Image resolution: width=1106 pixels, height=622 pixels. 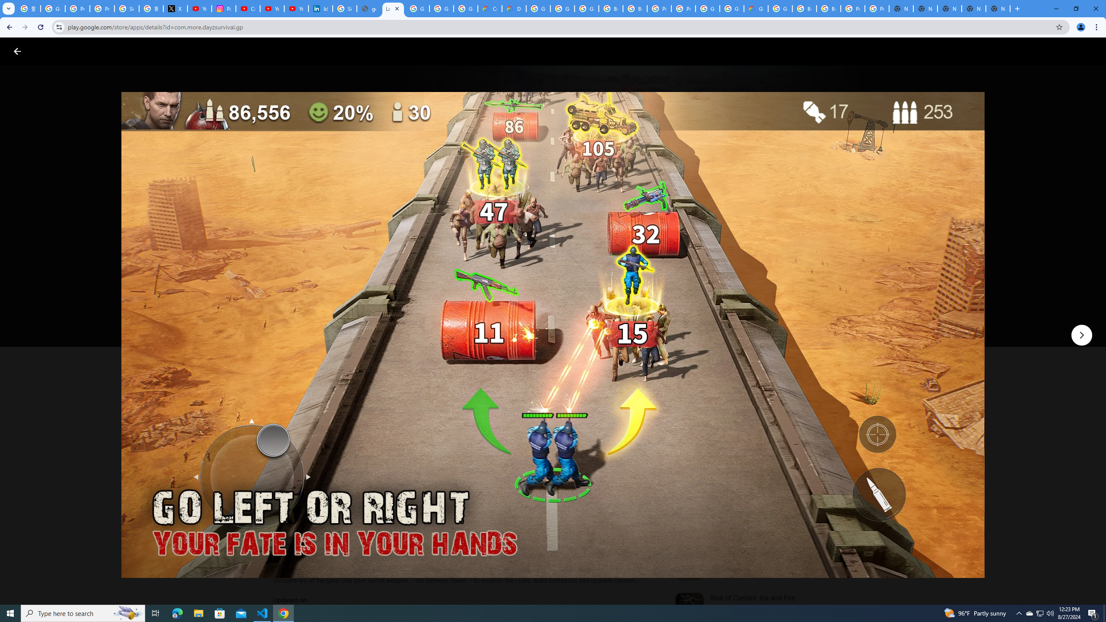 I want to click on 'Sign in - Google Accounts', so click(x=127, y=8).